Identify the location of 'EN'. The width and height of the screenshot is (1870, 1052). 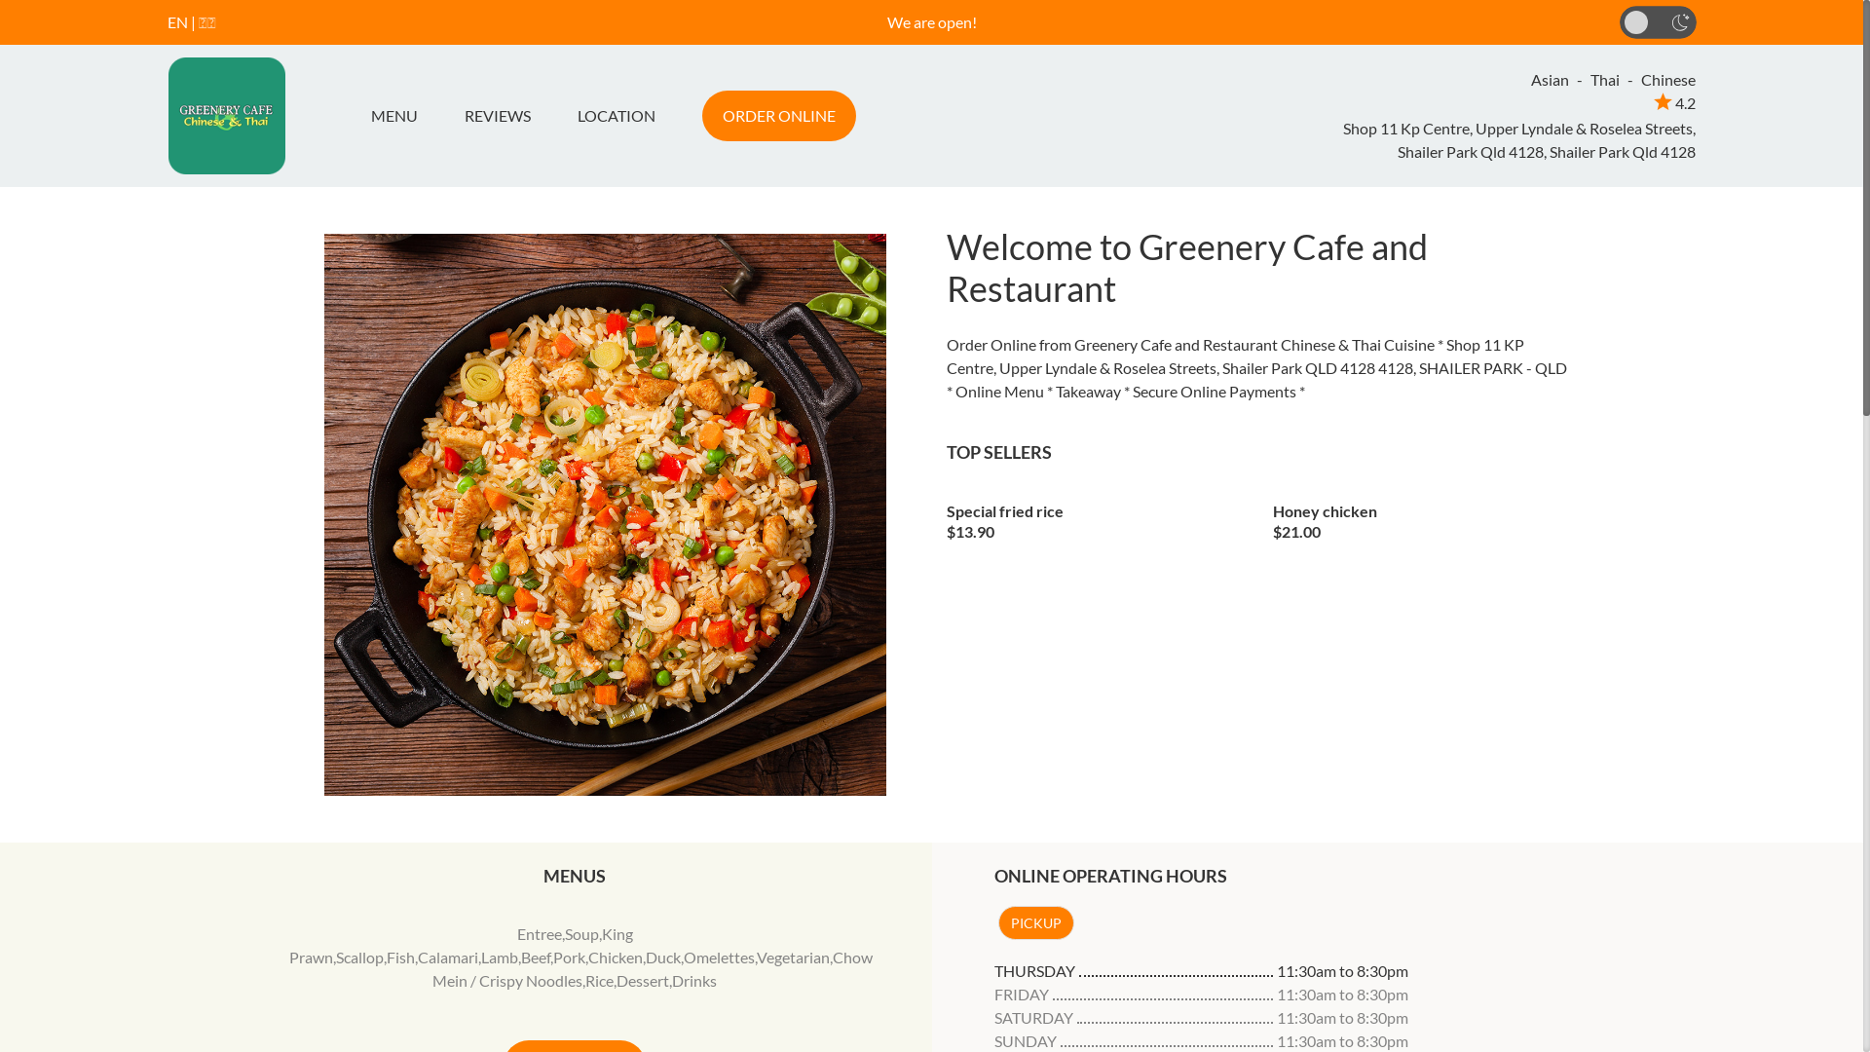
(177, 21).